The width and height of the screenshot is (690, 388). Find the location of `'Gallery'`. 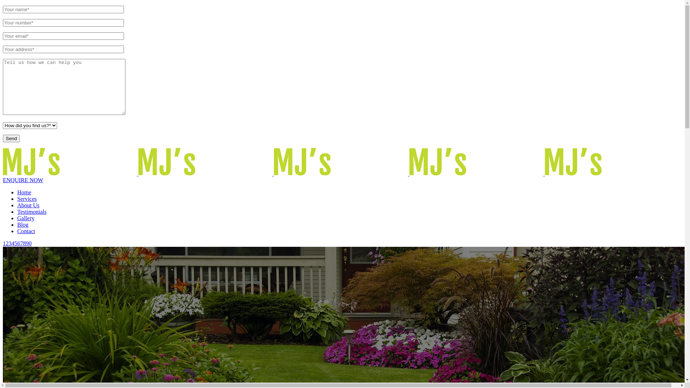

'Gallery' is located at coordinates (17, 218).